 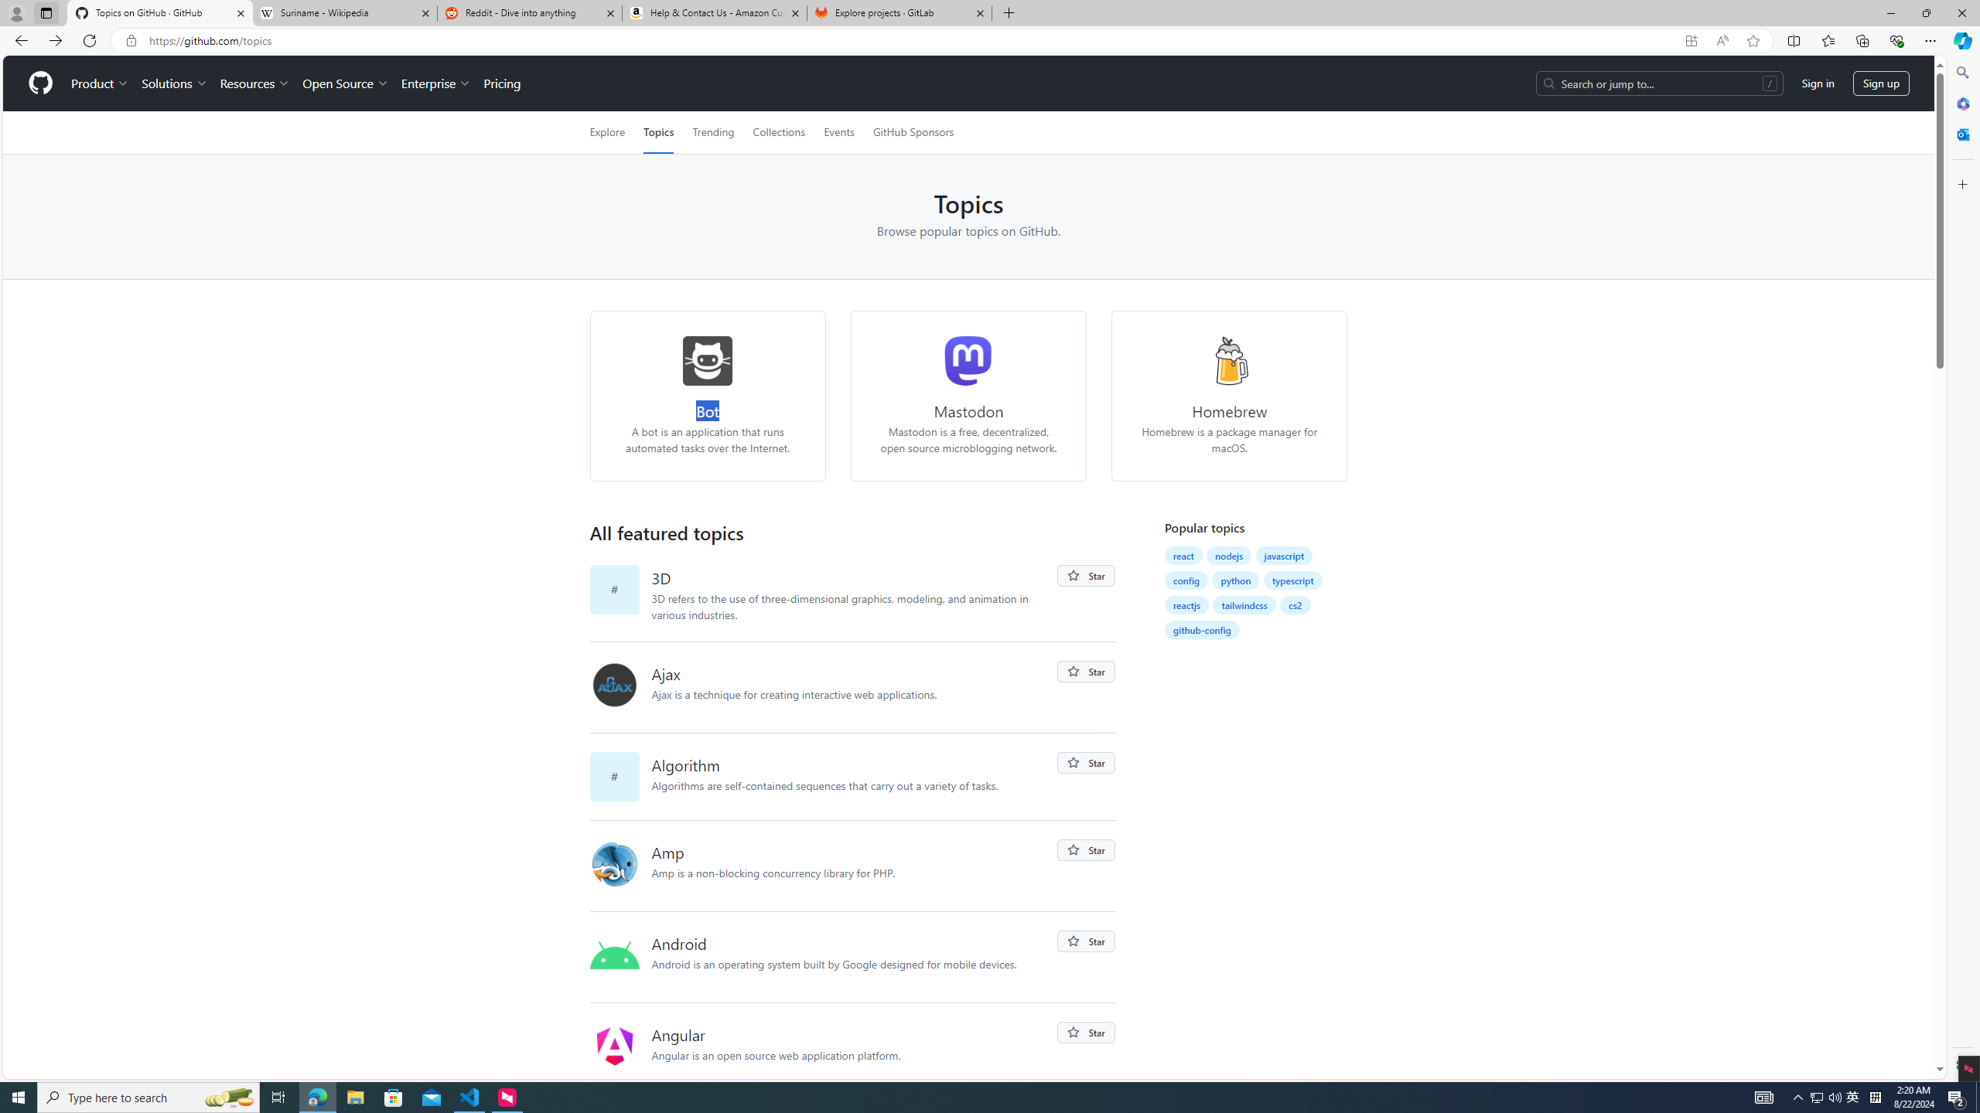 What do you see at coordinates (1296, 604) in the screenshot?
I see `'cs2'` at bounding box center [1296, 604].